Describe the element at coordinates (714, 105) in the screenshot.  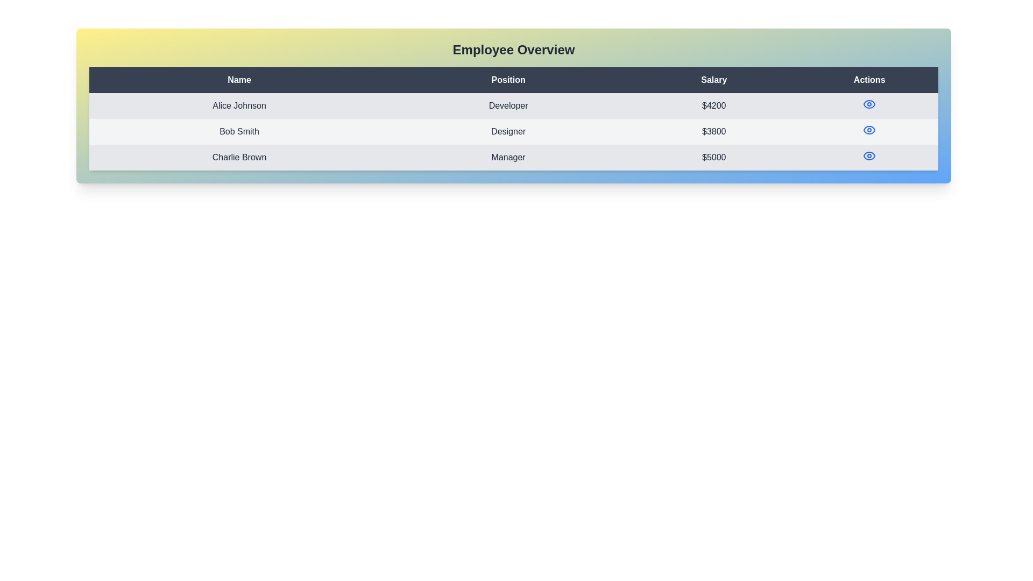
I see `the static text field displaying the salary value for 'Alice Johnson' located in the third column of the first data row in the table` at that location.